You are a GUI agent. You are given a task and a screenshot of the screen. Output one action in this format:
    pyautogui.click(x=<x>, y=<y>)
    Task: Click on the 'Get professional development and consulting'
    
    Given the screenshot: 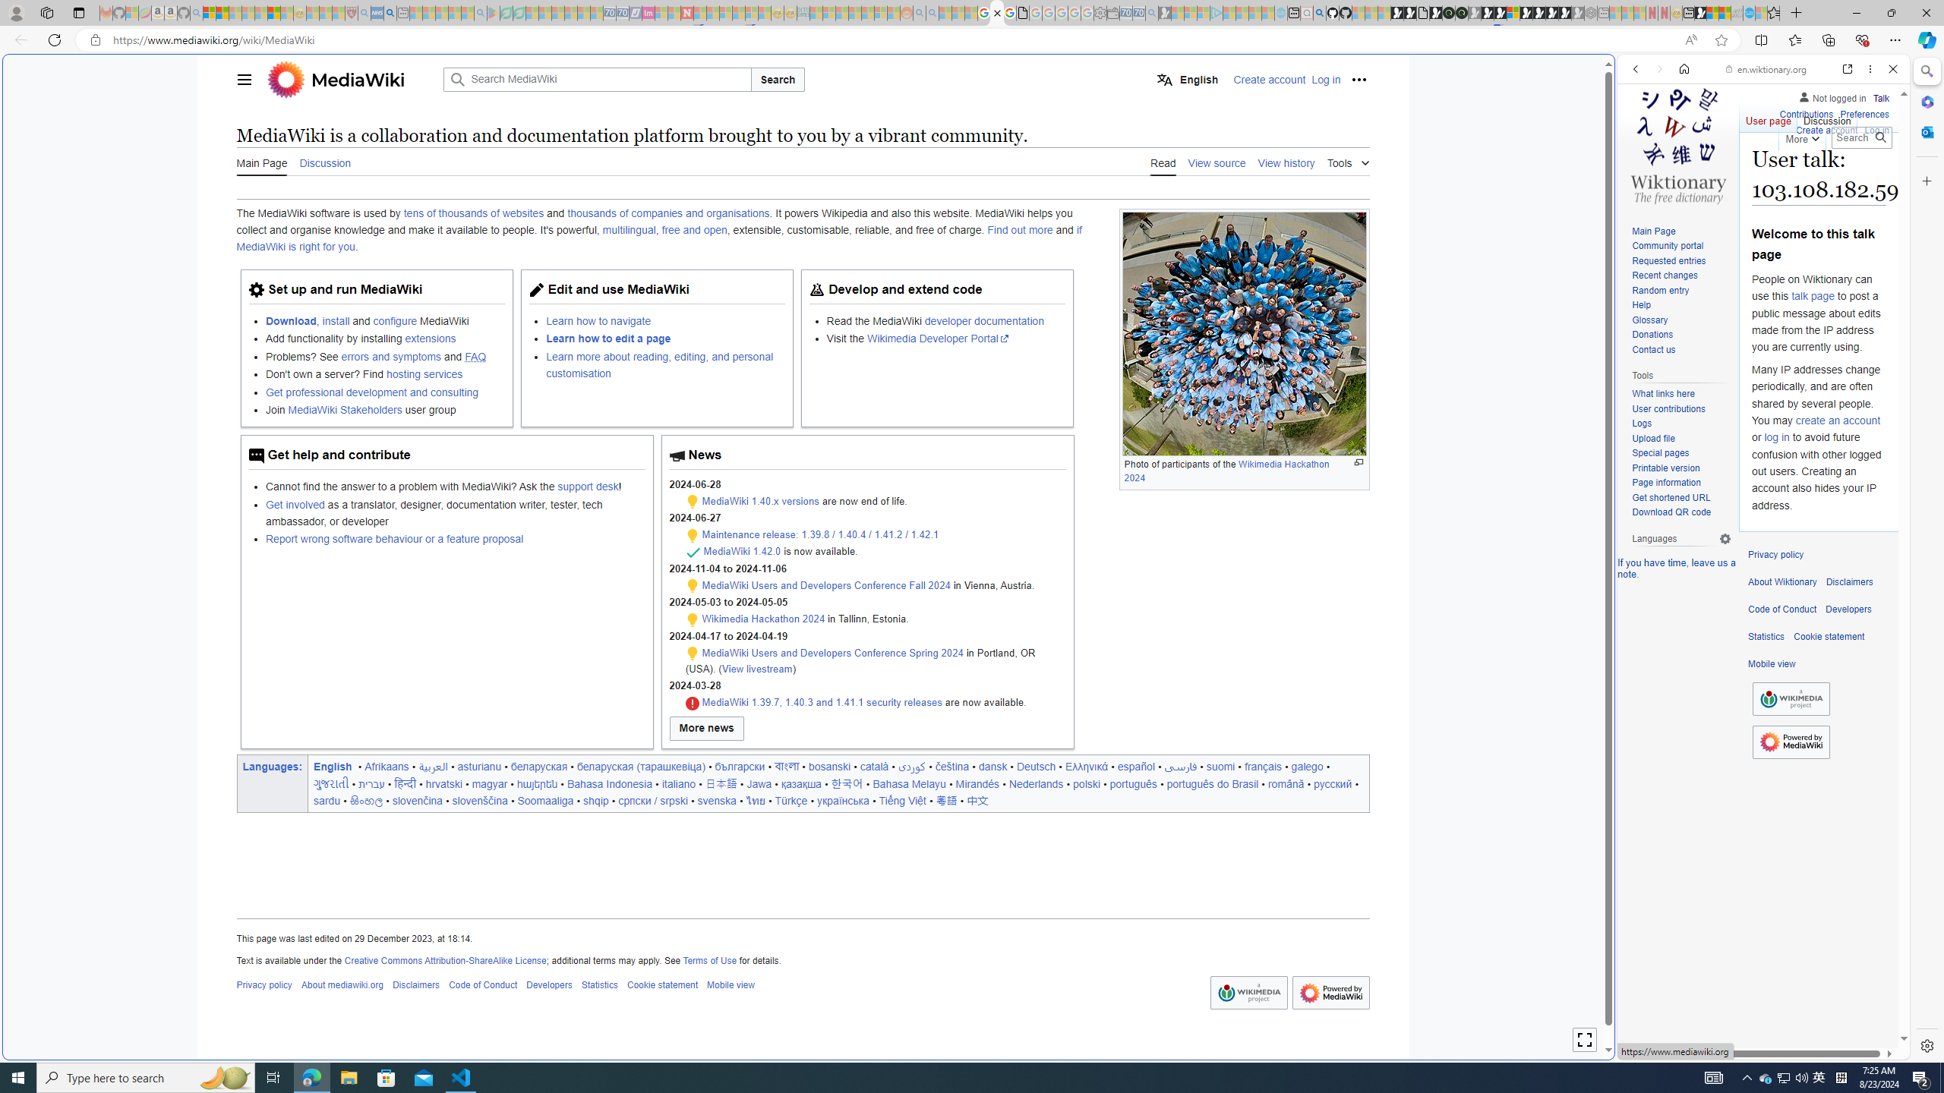 What is the action you would take?
    pyautogui.click(x=383, y=392)
    